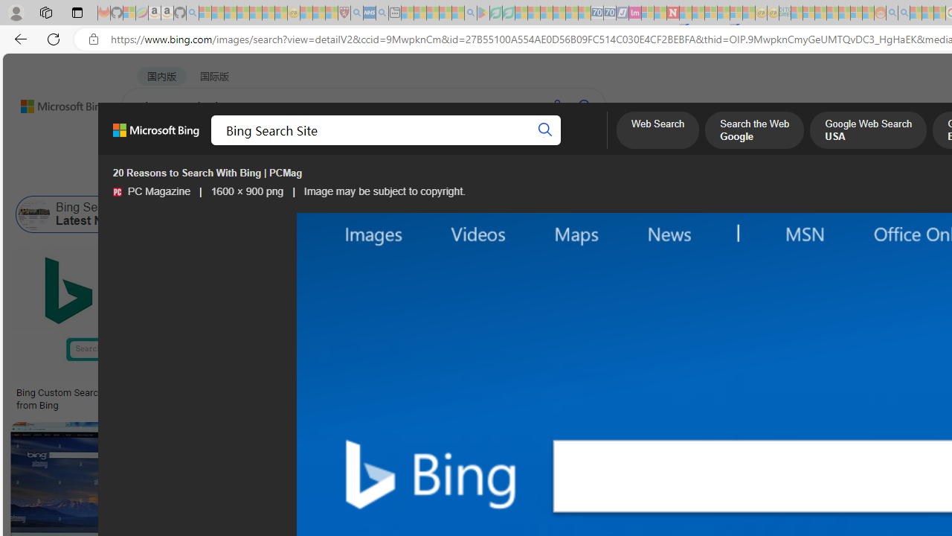 The width and height of the screenshot is (952, 536). I want to click on 'Search button', so click(544, 130).